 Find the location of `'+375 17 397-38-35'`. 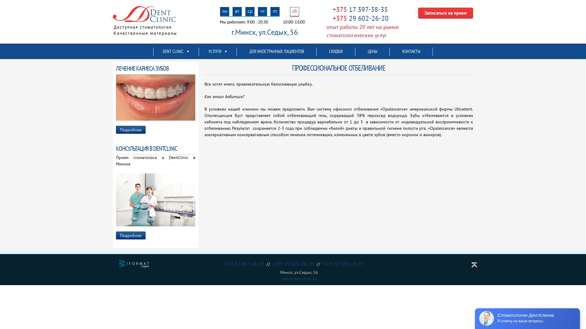

'+375 17 397-38-35' is located at coordinates (360, 10).